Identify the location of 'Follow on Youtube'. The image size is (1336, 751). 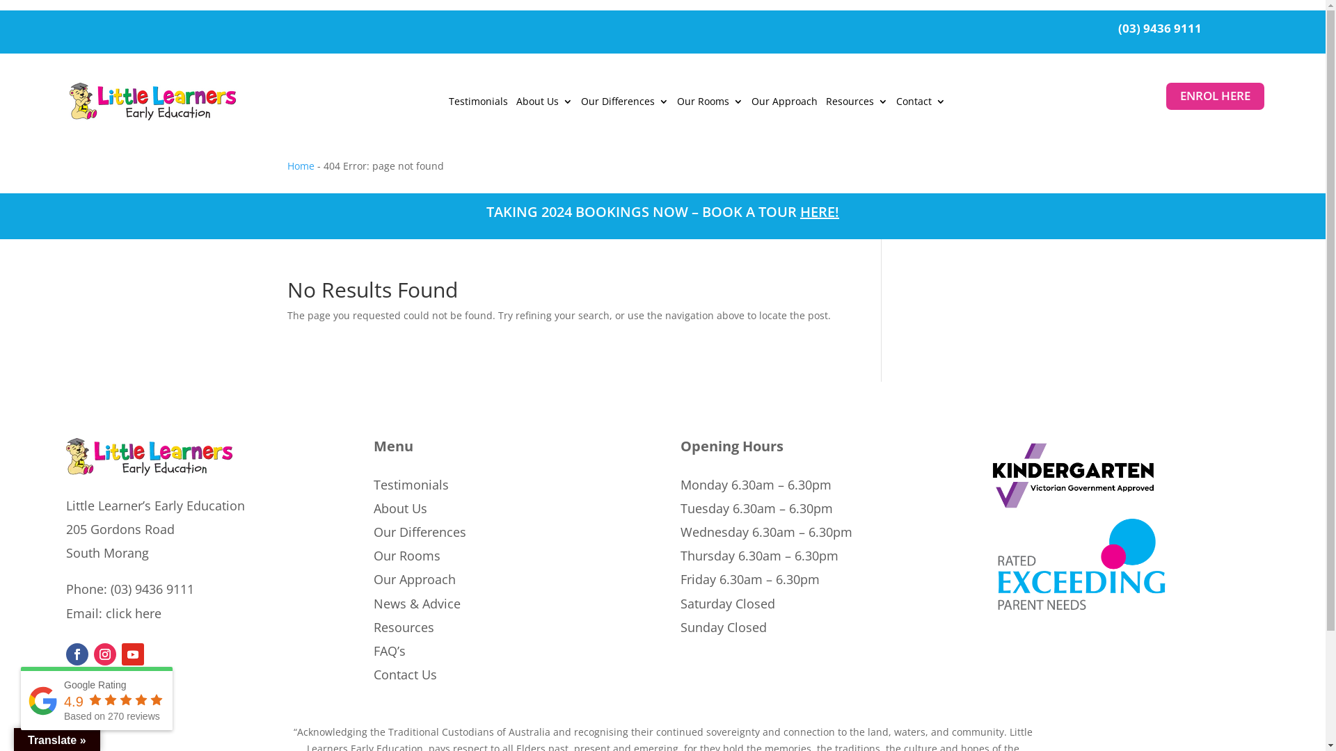
(133, 654).